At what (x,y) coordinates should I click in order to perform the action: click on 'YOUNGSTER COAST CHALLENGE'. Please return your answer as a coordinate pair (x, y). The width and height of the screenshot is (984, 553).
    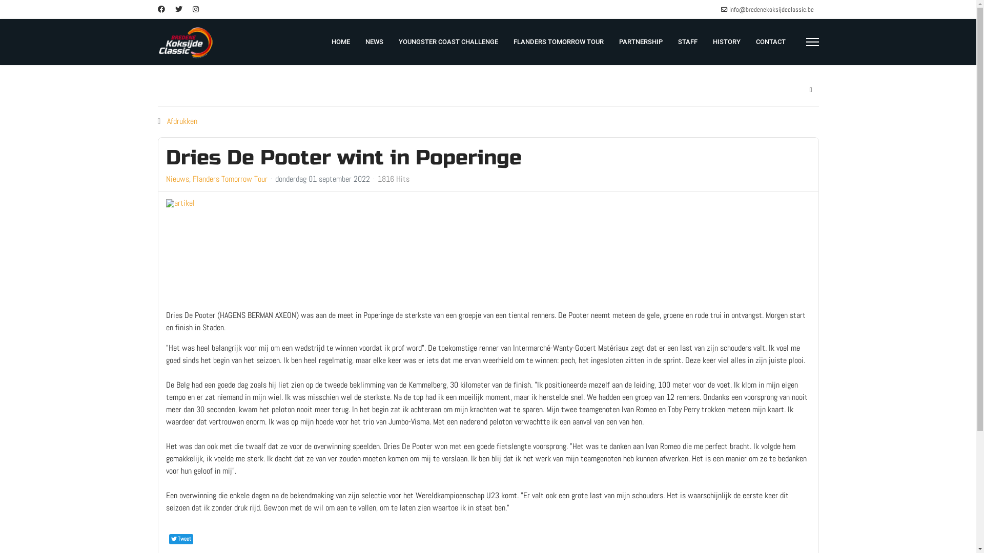
    Looking at the image, I should click on (447, 41).